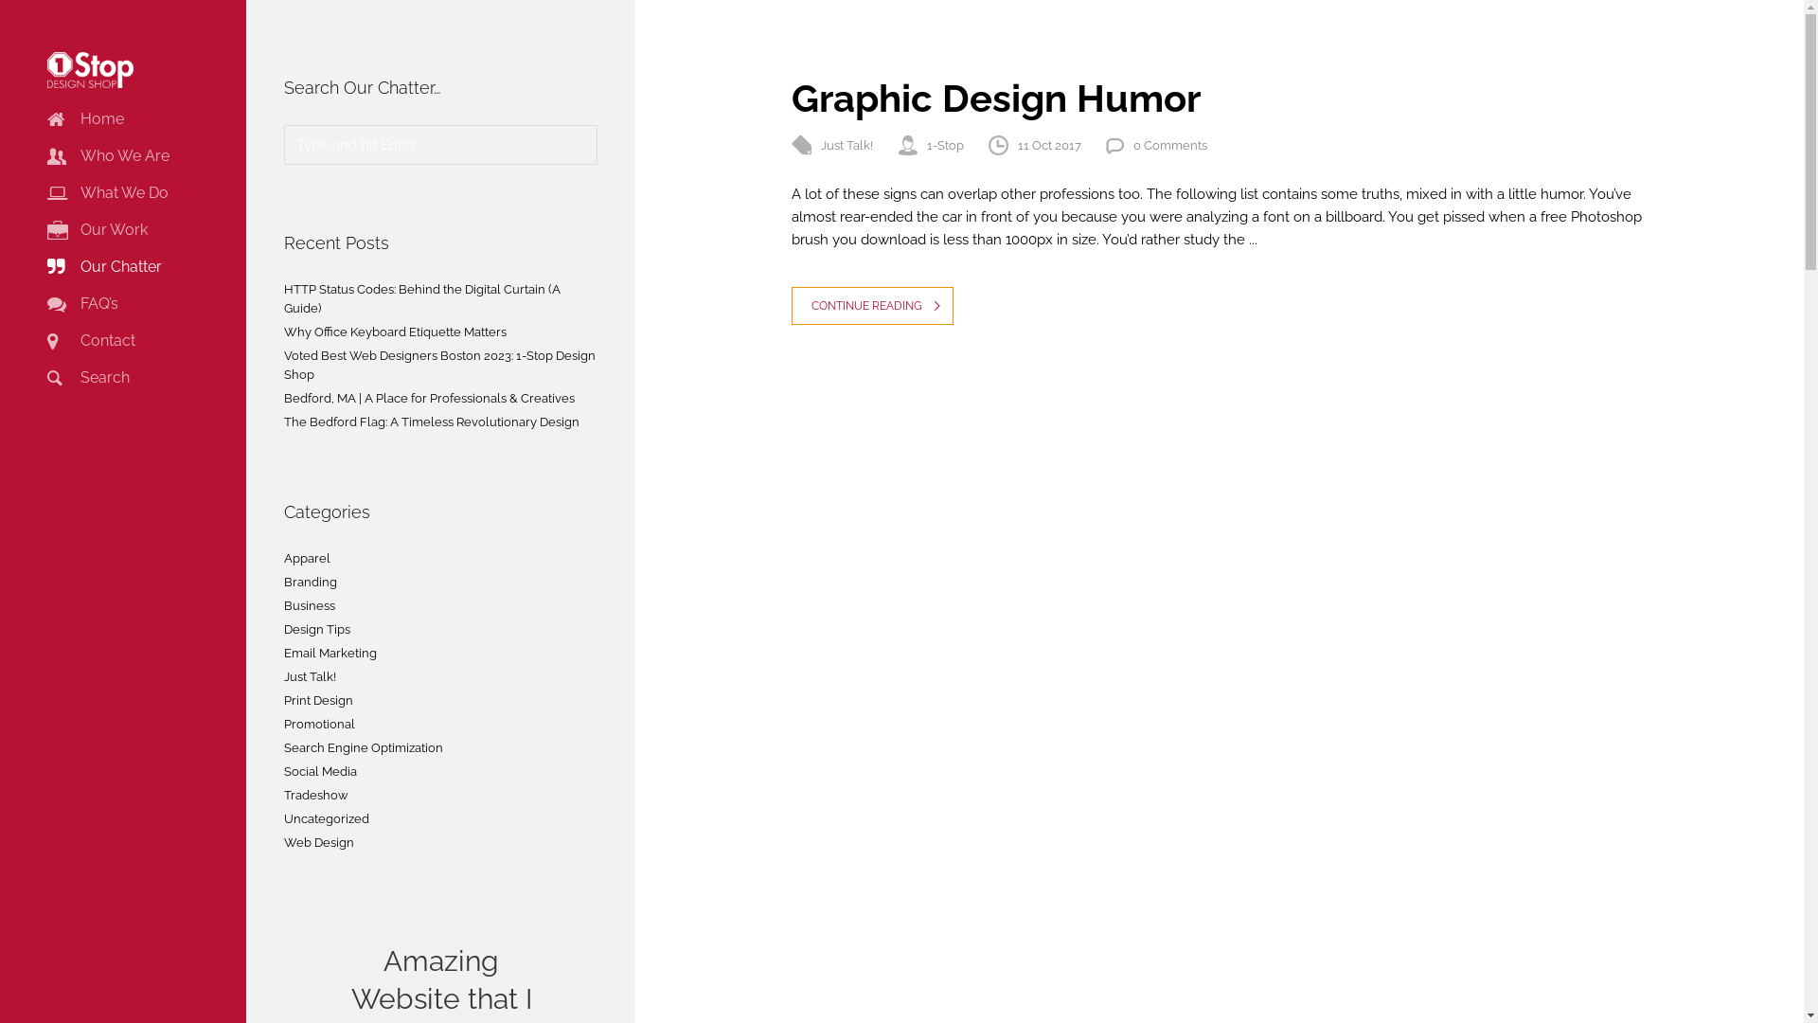 This screenshot has height=1023, width=1818. I want to click on 'Promotional', so click(319, 724).